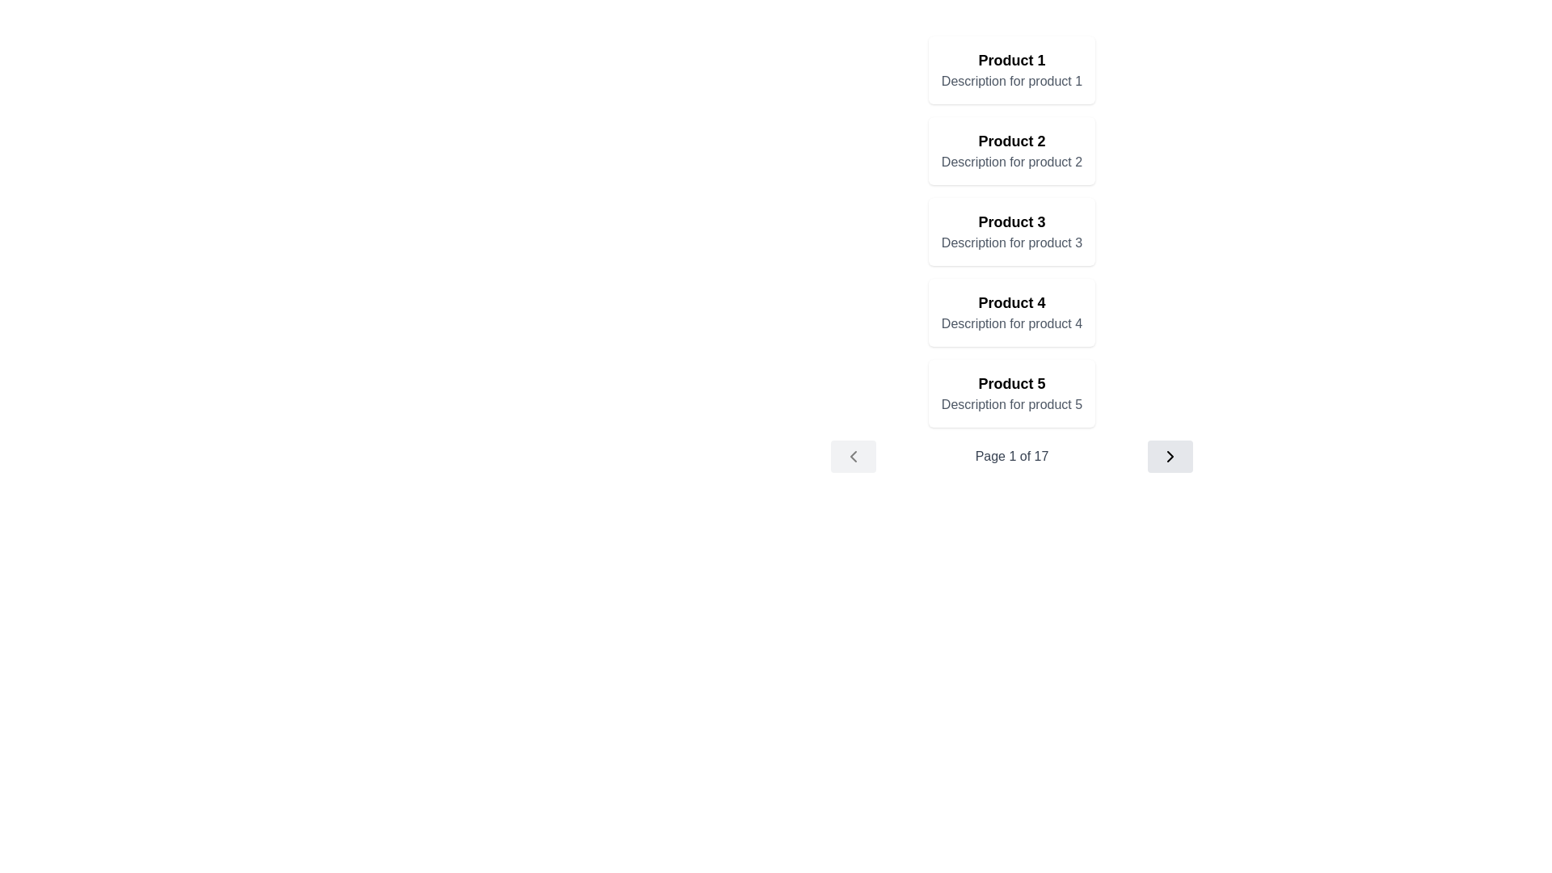 The height and width of the screenshot is (873, 1552). I want to click on text labeled 'Description for product 3', which is displayed in light gray font below 'Product 3' within a card-like structure, so click(1011, 242).